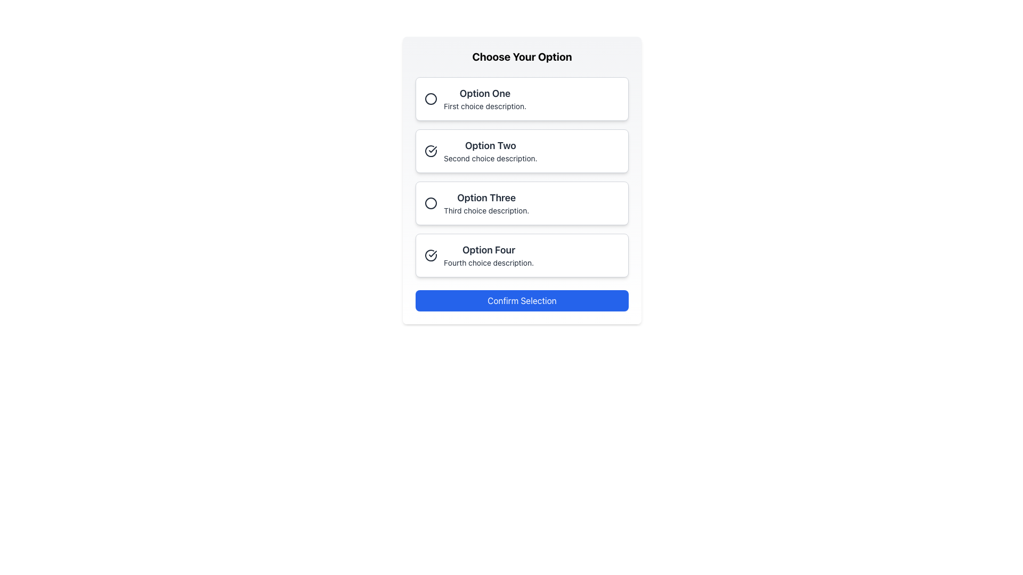 The width and height of the screenshot is (1023, 575). What do you see at coordinates (486, 198) in the screenshot?
I see `the title label of the third selectable option in the vertical list, which distinguishes it from other options` at bounding box center [486, 198].